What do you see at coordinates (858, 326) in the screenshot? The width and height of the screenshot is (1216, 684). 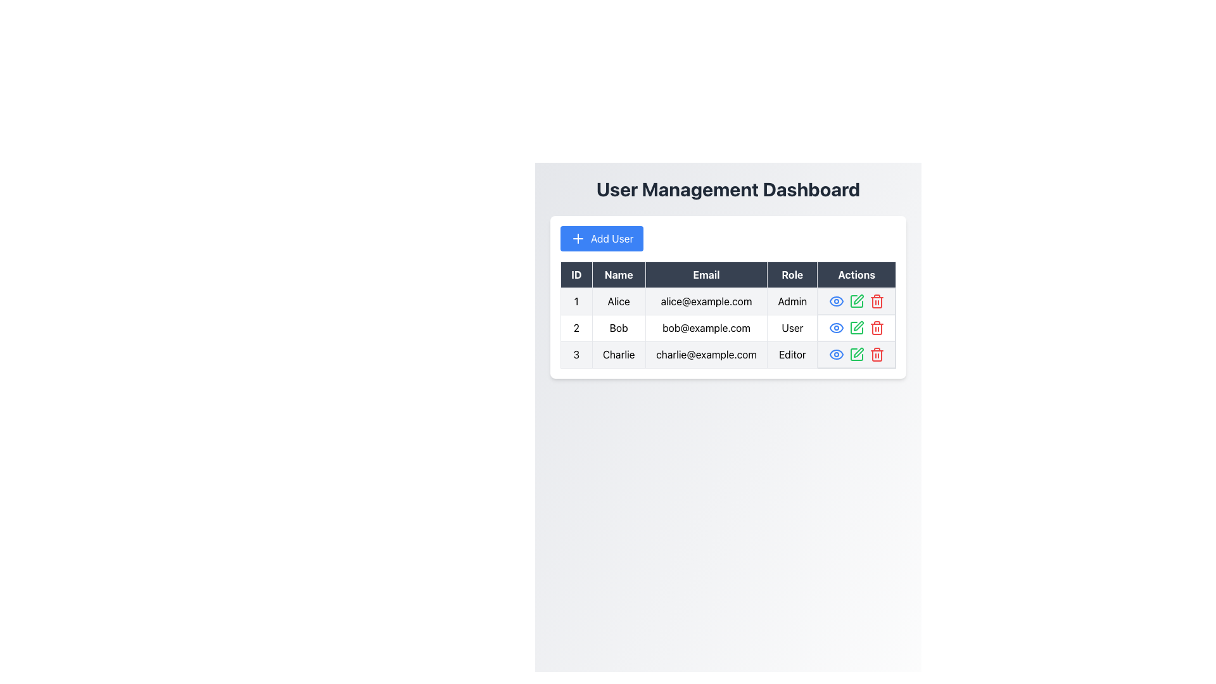 I see `the pen-shaped icon located in the 'Actions' column of Bob's row to initiate an edit action` at bounding box center [858, 326].